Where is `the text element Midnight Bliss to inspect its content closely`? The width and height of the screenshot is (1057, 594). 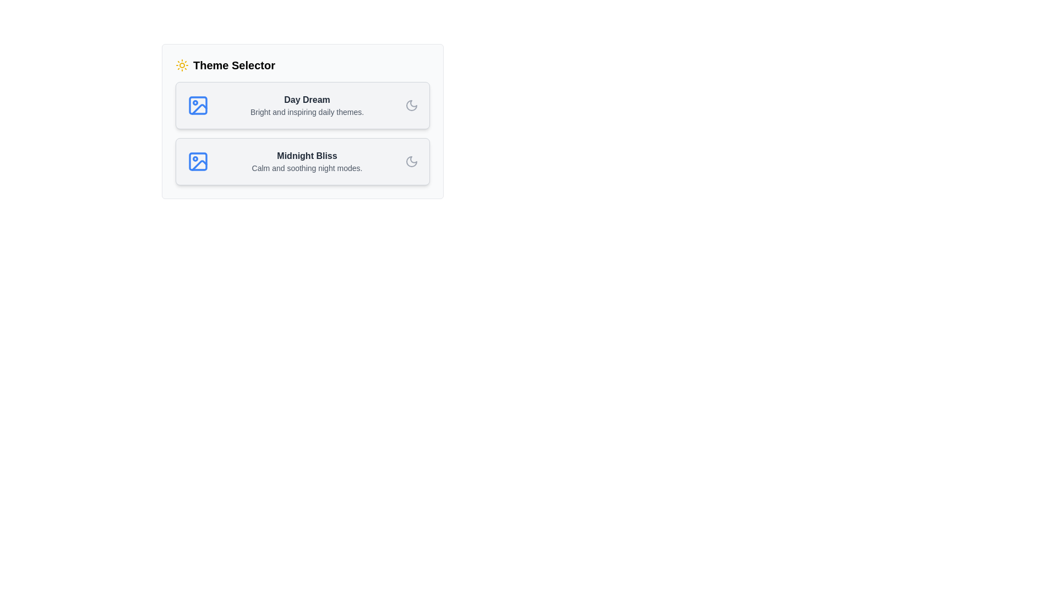 the text element Midnight Bliss to inspect its content closely is located at coordinates (307, 156).